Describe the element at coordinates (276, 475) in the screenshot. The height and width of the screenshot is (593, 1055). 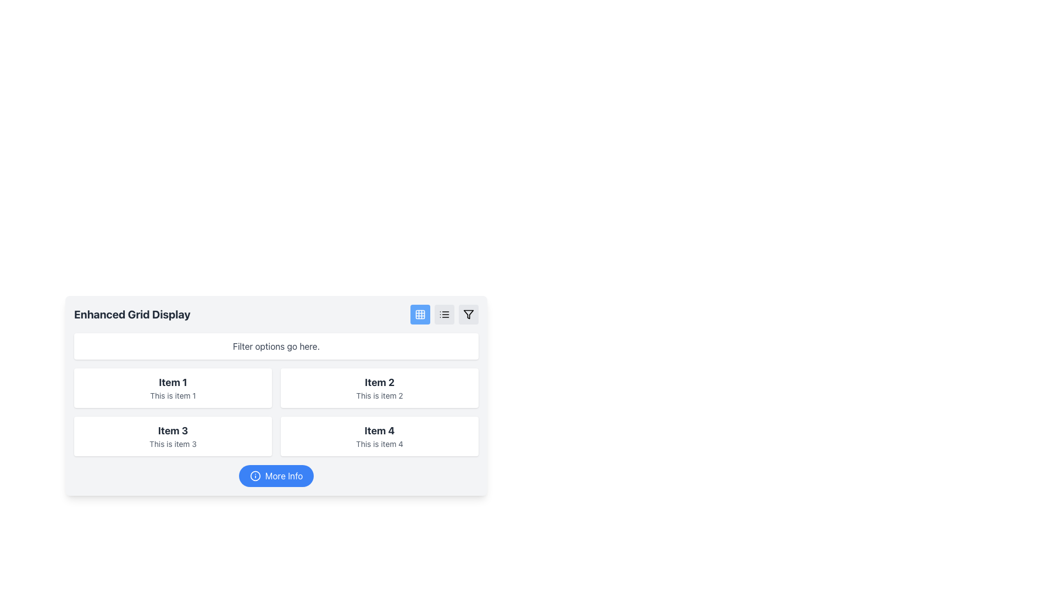
I see `the call-to-action button located at the bottom center of the 'Enhanced Grid Display' card interface, positioned directly underneath the grid section` at that location.